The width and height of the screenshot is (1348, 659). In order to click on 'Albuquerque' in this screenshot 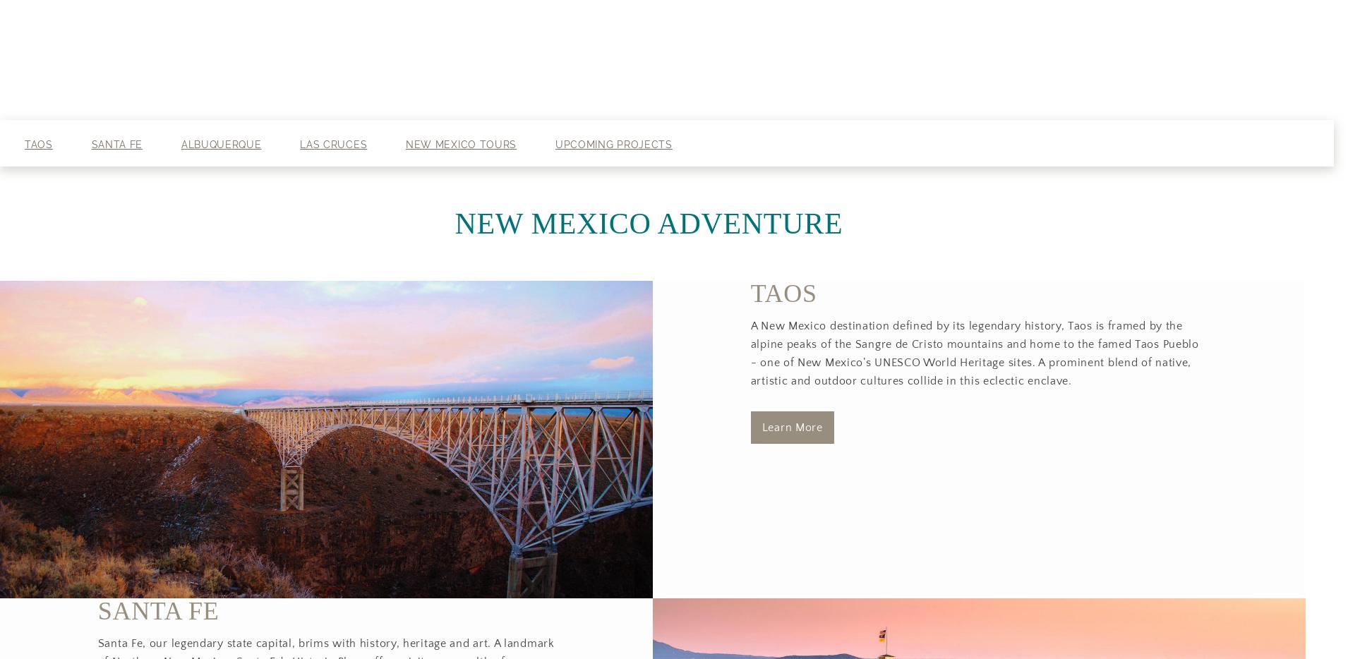, I will do `click(180, 144)`.